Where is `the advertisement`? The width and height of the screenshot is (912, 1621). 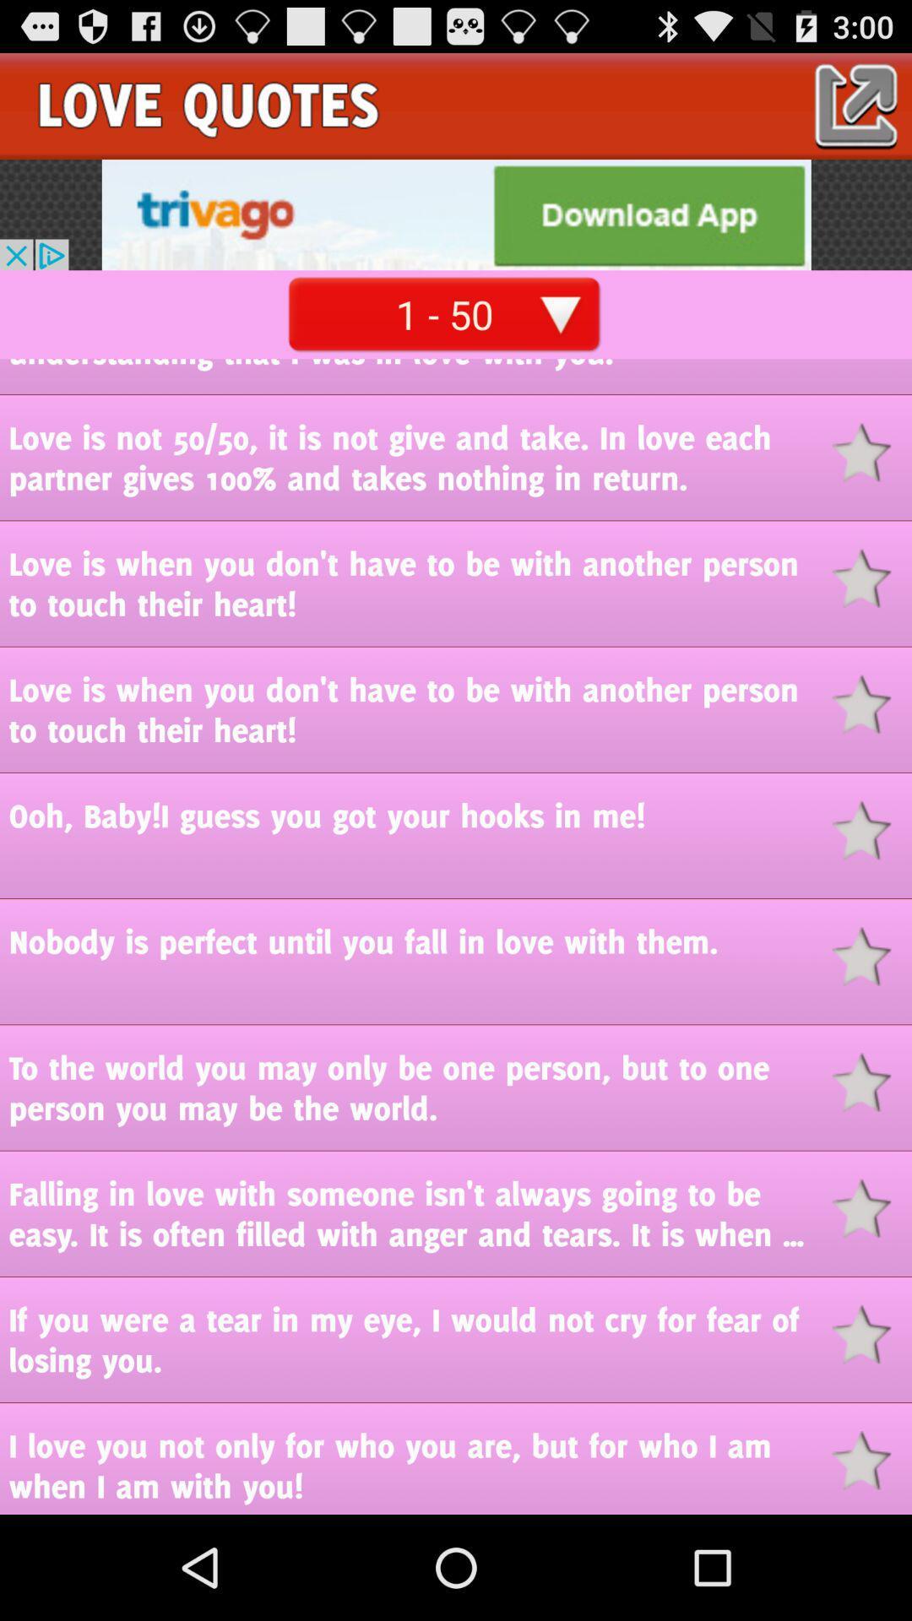 the advertisement is located at coordinates (456, 214).